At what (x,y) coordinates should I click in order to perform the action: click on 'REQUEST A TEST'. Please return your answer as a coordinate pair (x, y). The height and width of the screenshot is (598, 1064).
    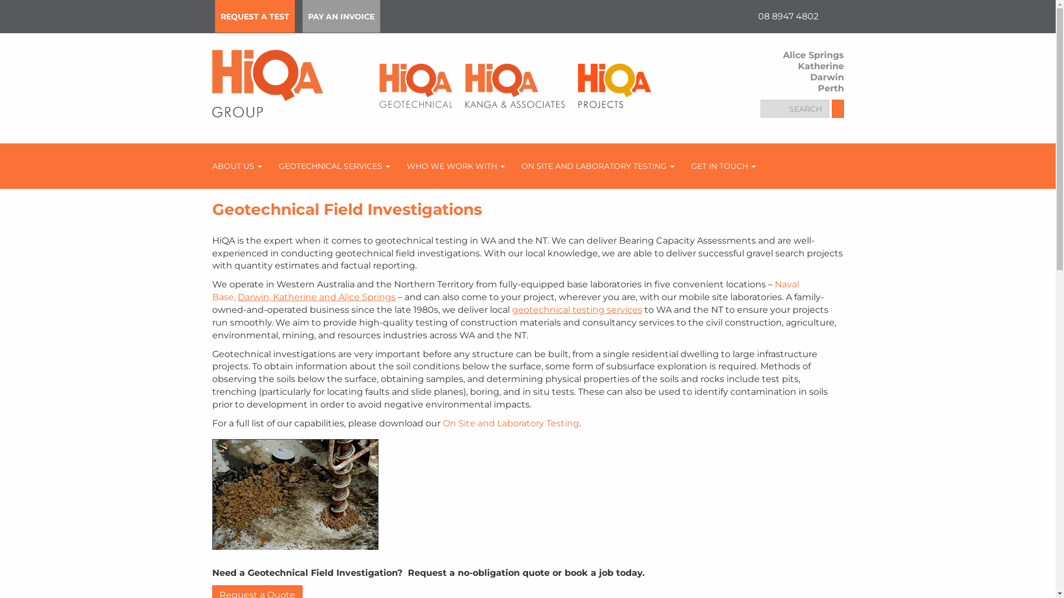
    Looking at the image, I should click on (254, 16).